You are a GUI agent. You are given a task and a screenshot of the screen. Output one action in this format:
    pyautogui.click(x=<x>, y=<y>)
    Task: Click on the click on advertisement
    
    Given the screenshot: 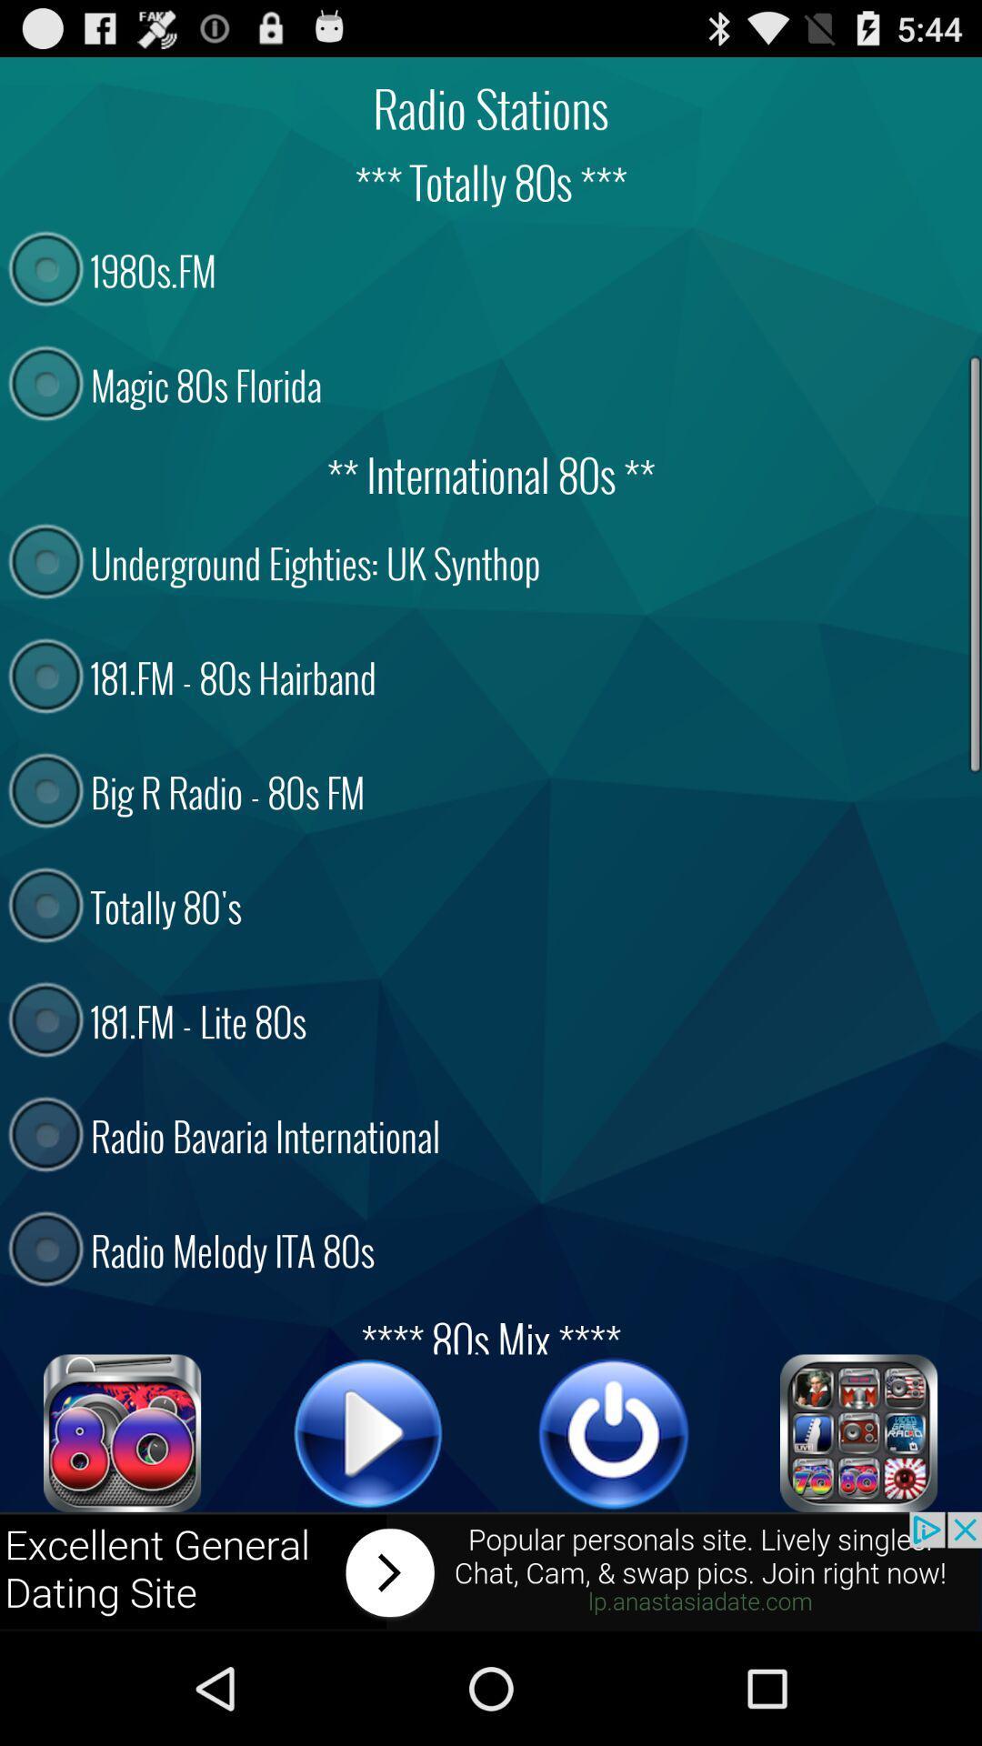 What is the action you would take?
    pyautogui.click(x=491, y=1570)
    